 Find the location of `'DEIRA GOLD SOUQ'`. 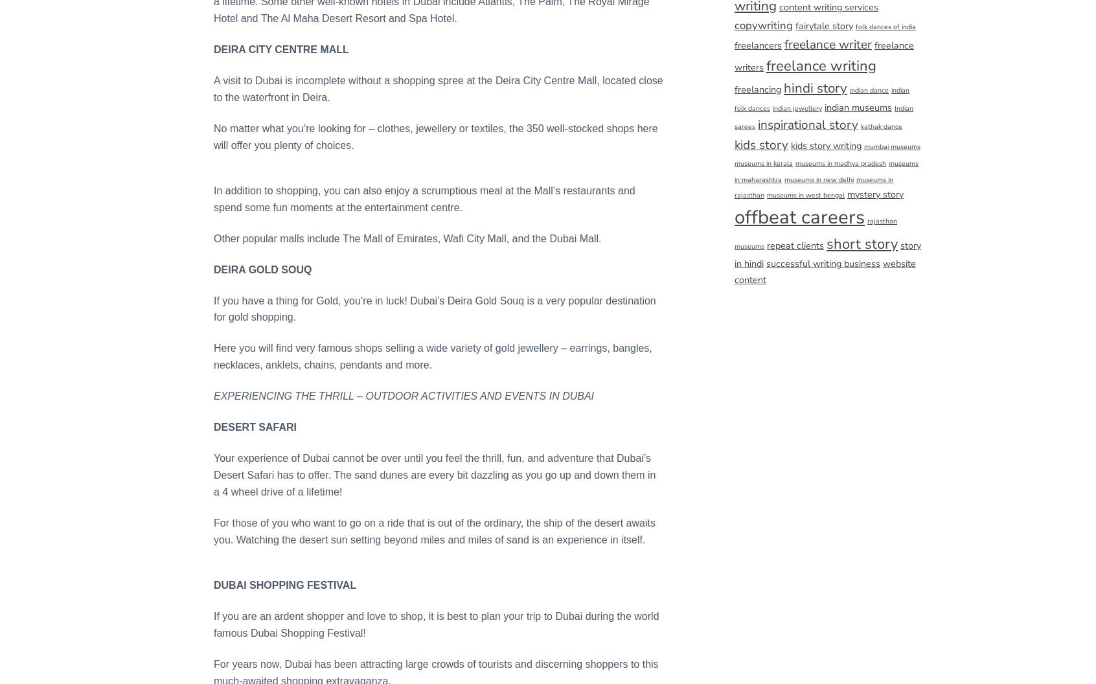

'DEIRA GOLD SOUQ' is located at coordinates (262, 269).